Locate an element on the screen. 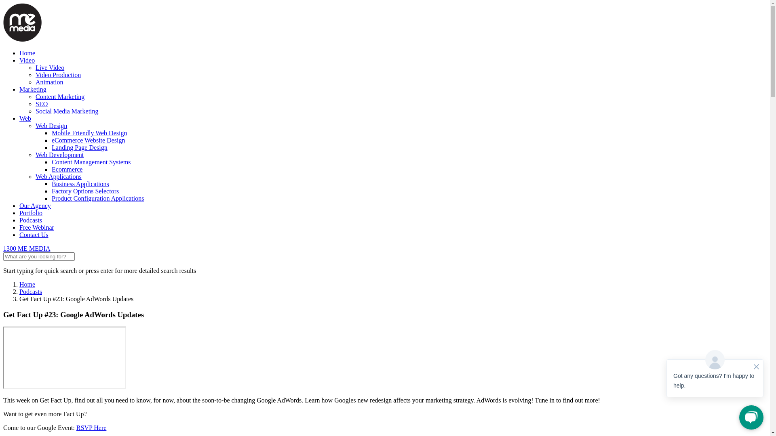  'Social Media Marketing' is located at coordinates (67, 111).